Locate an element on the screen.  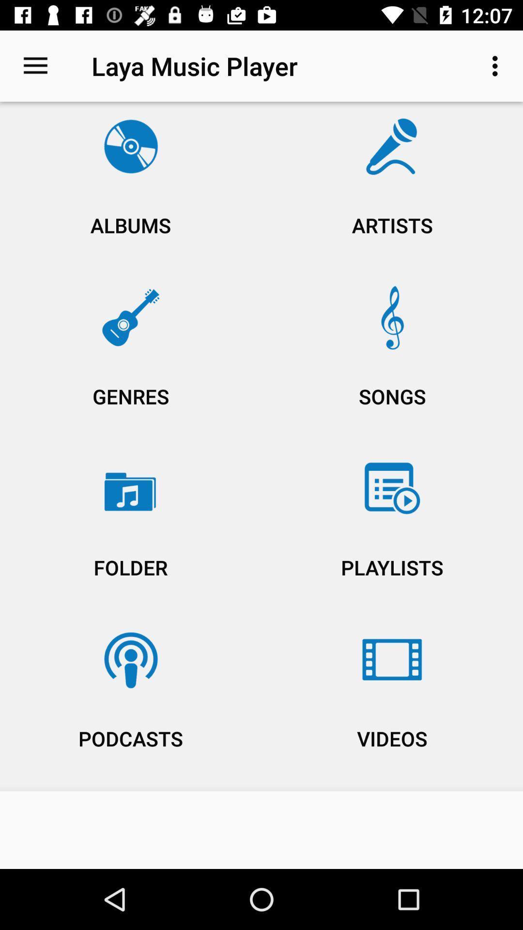
the item above the genres is located at coordinates (392, 189).